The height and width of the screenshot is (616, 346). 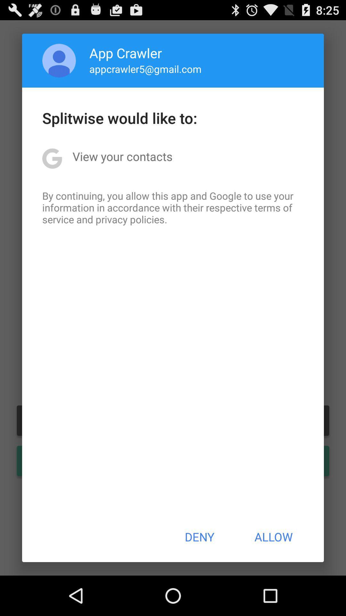 I want to click on app next to app crawler app, so click(x=59, y=60).